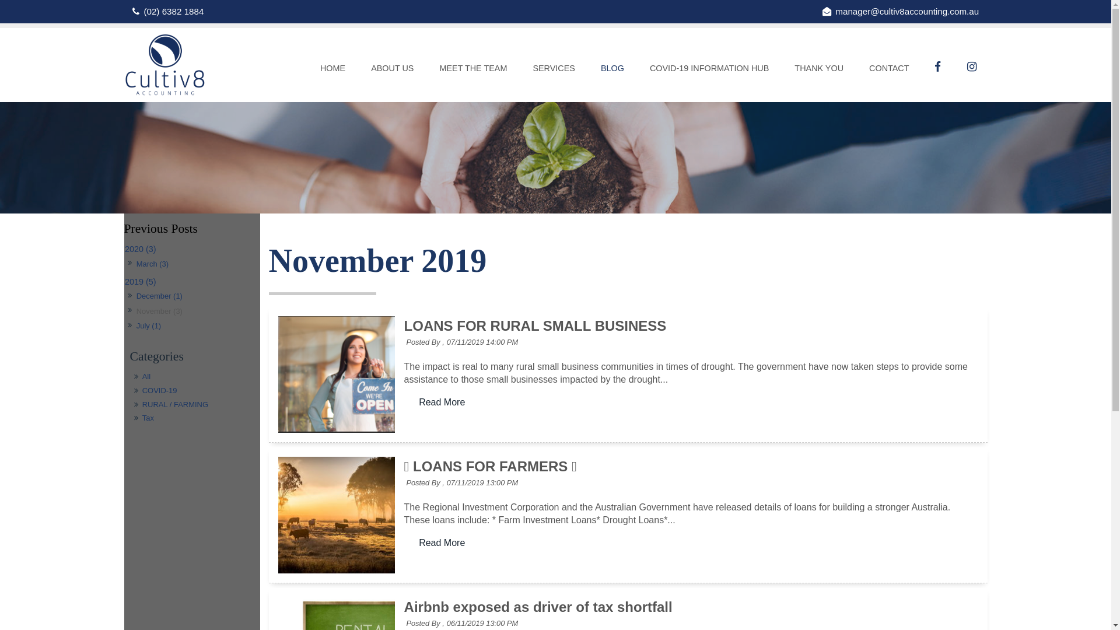 This screenshot has width=1120, height=630. I want to click on '2019 (5)', so click(191, 281).